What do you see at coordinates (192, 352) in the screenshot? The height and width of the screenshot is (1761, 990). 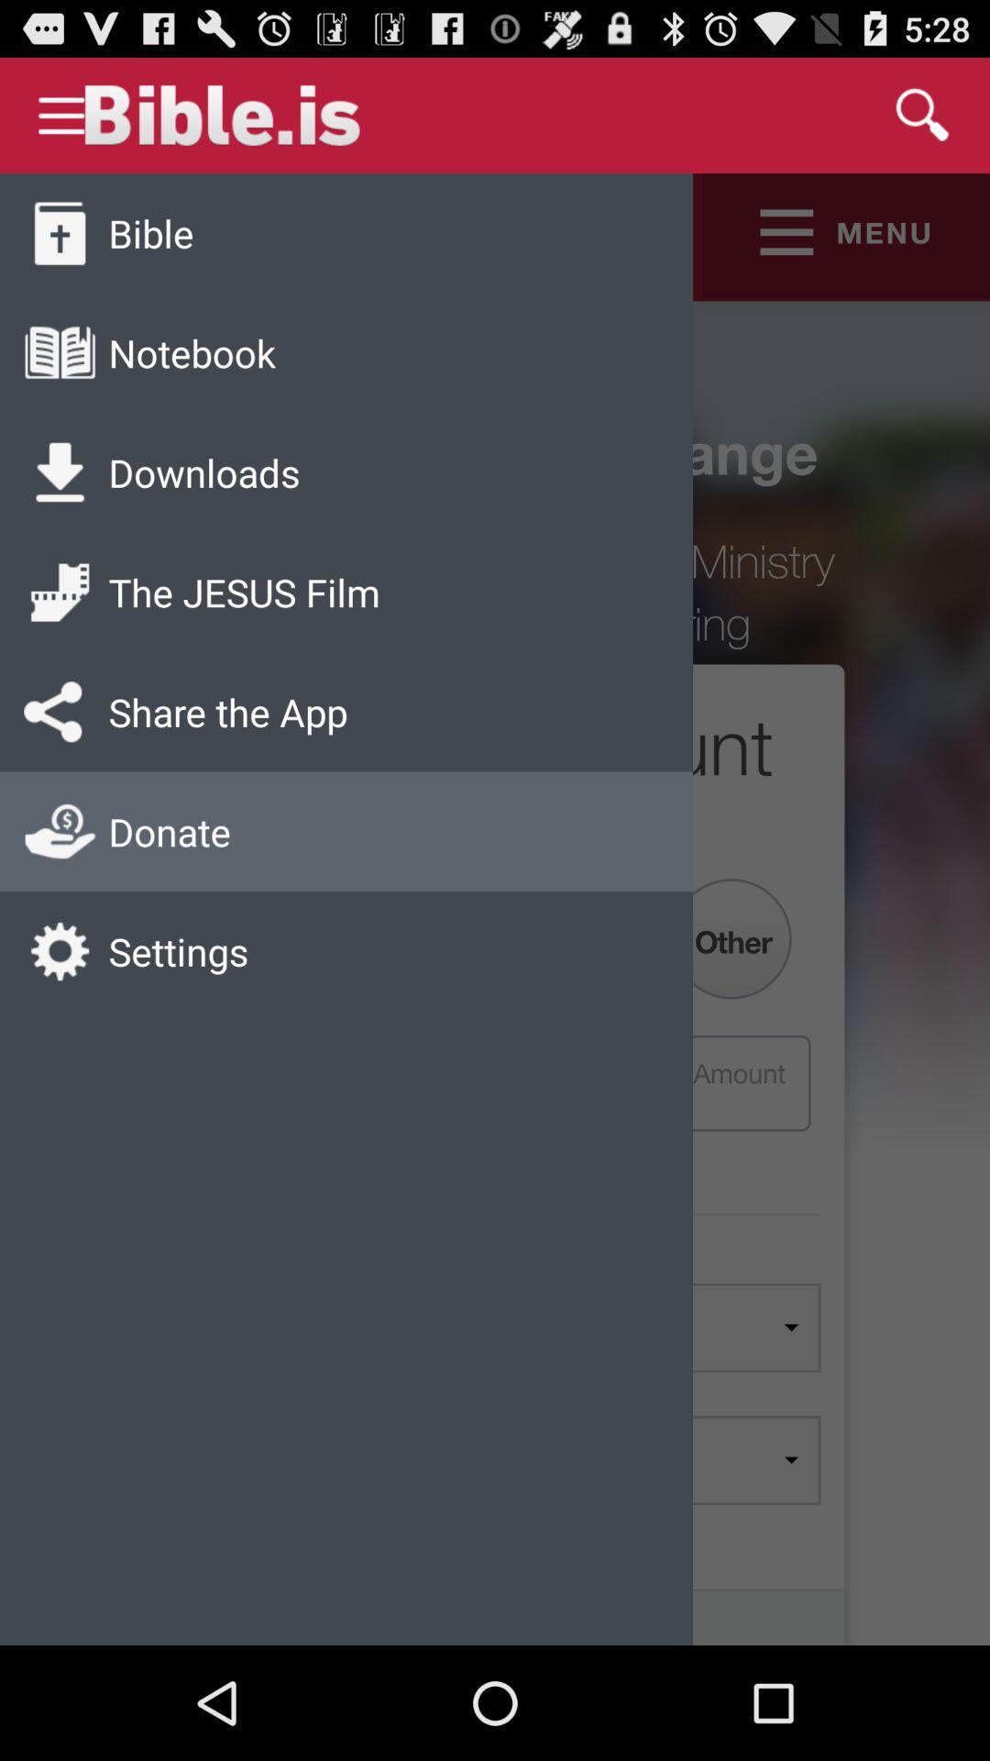 I see `notebook item` at bounding box center [192, 352].